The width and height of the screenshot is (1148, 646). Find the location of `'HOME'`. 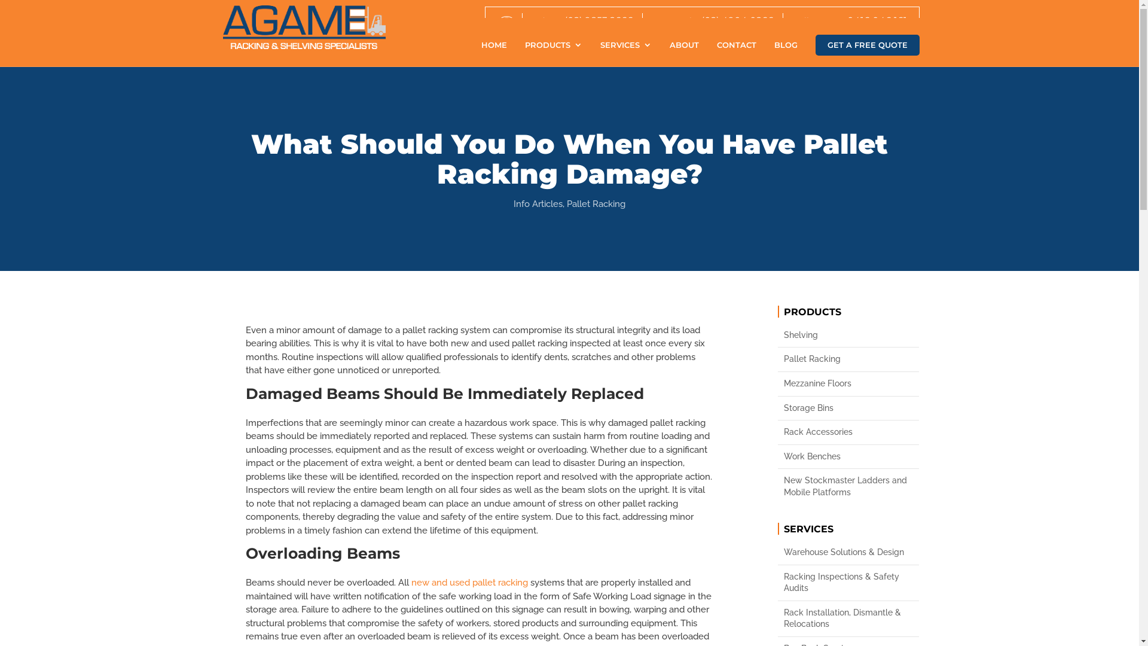

'HOME' is located at coordinates (493, 53).